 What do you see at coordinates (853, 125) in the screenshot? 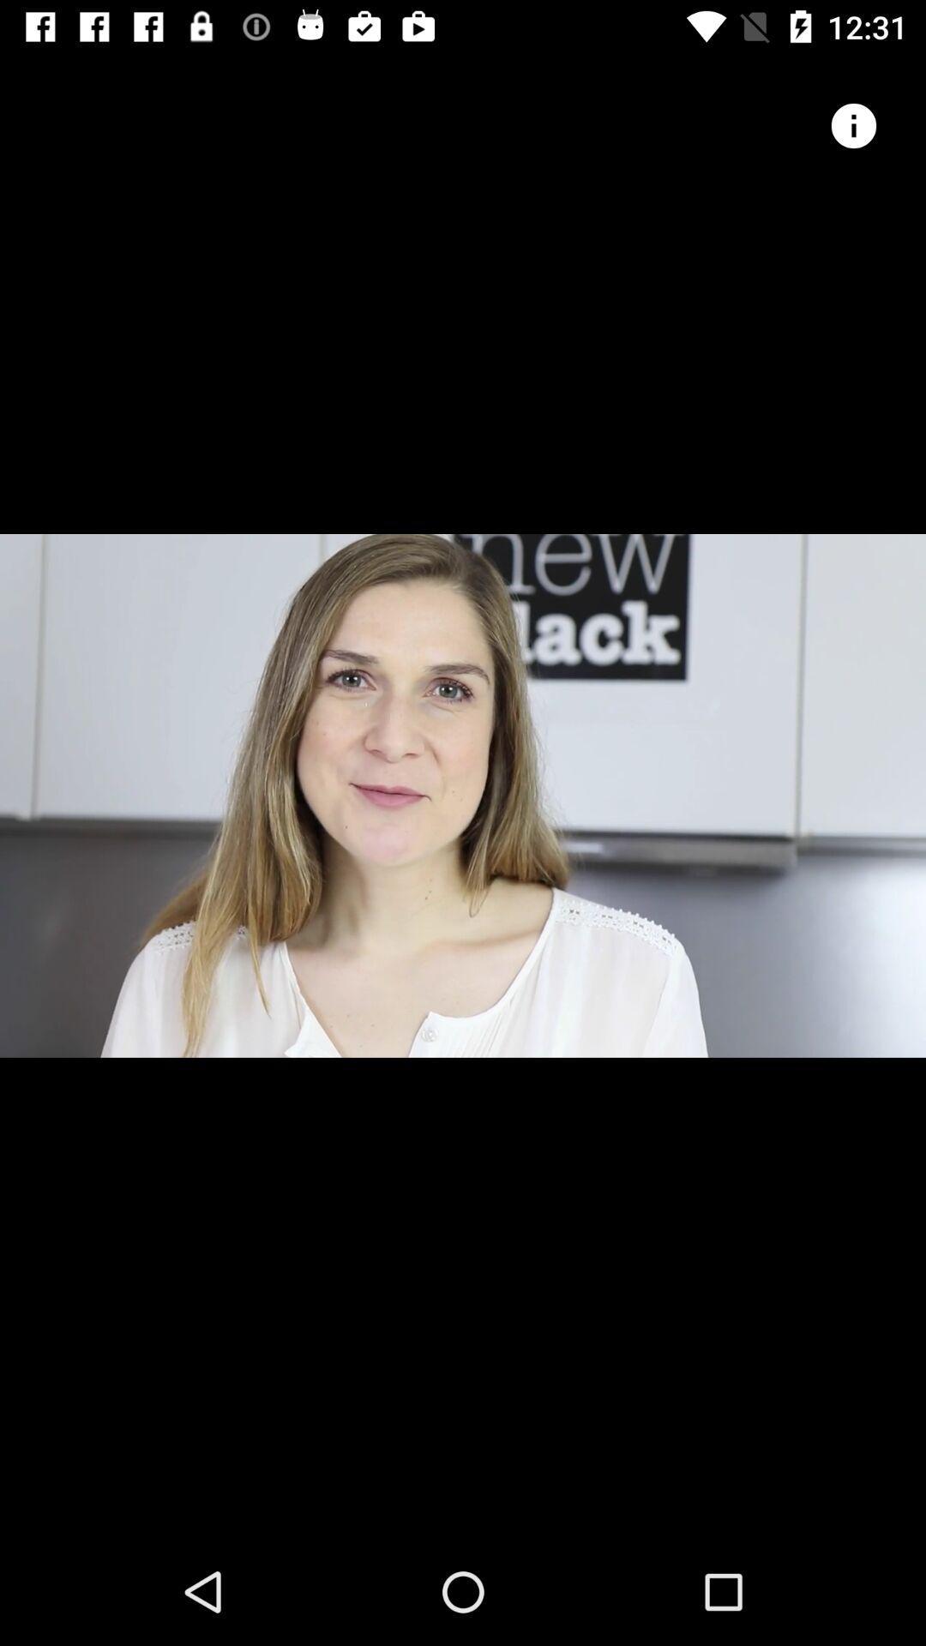
I see `the info icon` at bounding box center [853, 125].